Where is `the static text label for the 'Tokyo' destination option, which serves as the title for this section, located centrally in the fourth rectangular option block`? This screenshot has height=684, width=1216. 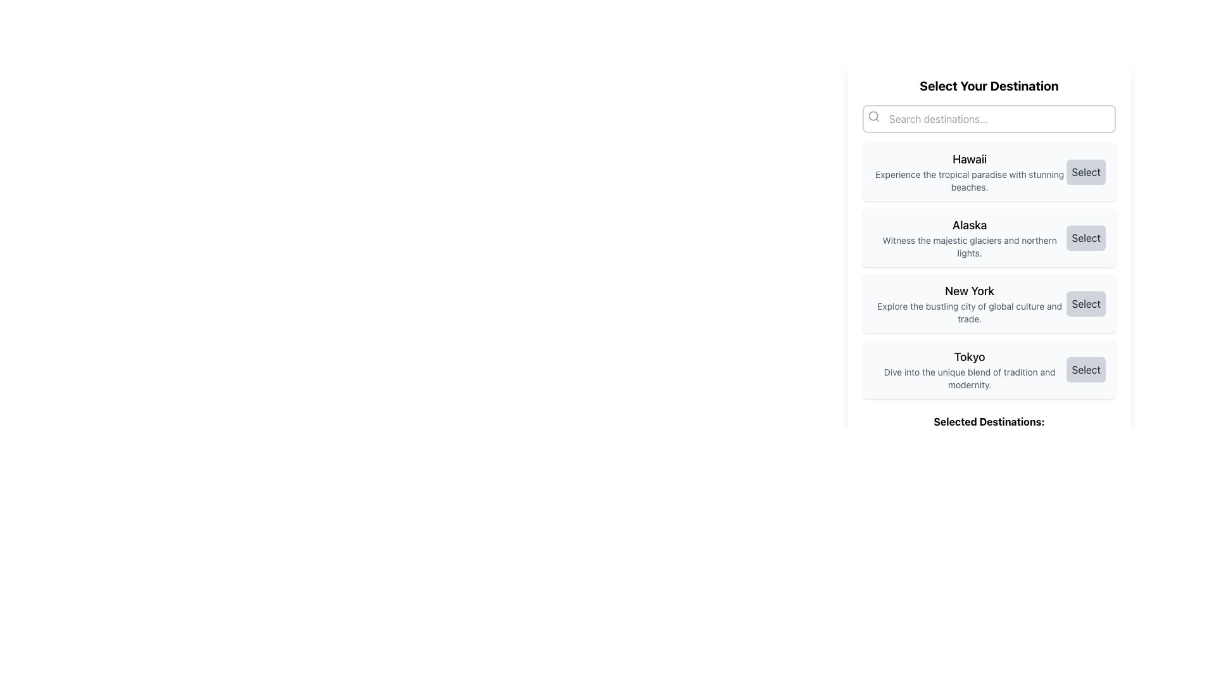
the static text label for the 'Tokyo' destination option, which serves as the title for this section, located centrally in the fourth rectangular option block is located at coordinates (969, 357).